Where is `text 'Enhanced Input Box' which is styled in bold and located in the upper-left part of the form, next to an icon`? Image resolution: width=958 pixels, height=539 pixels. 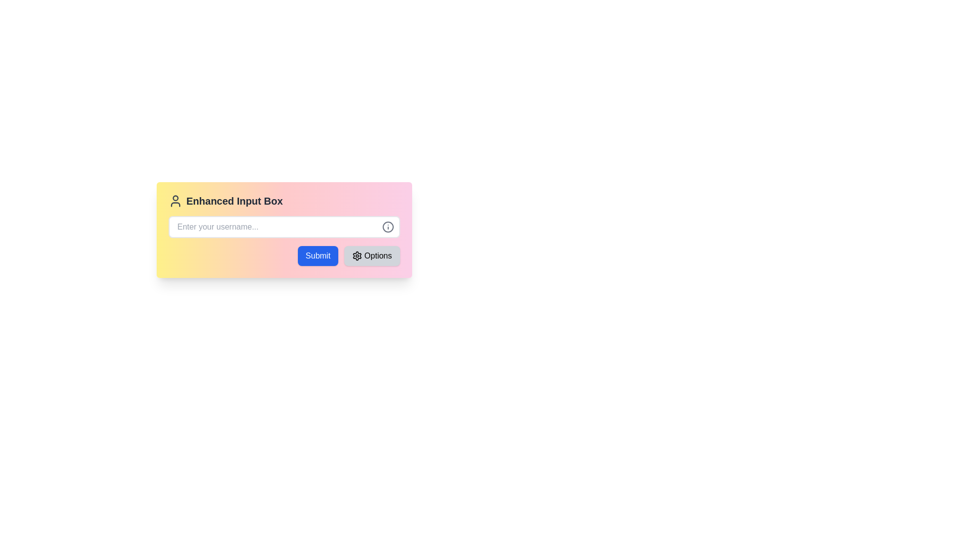 text 'Enhanced Input Box' which is styled in bold and located in the upper-left part of the form, next to an icon is located at coordinates (234, 201).